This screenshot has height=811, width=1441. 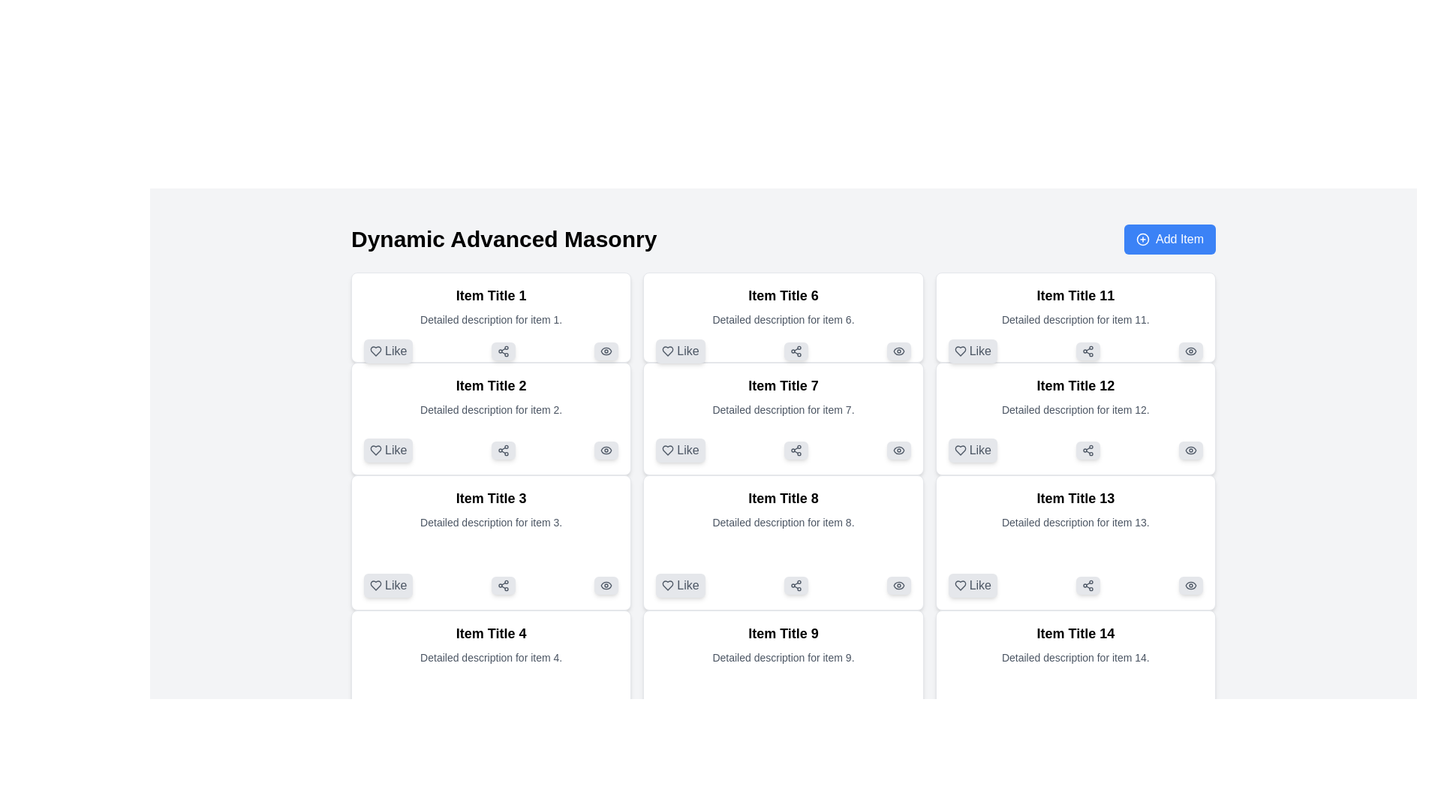 I want to click on the heart-shaped icon that is part of the 'Like' button, which is located under the content labeled 'Item Title 3', so click(x=375, y=584).